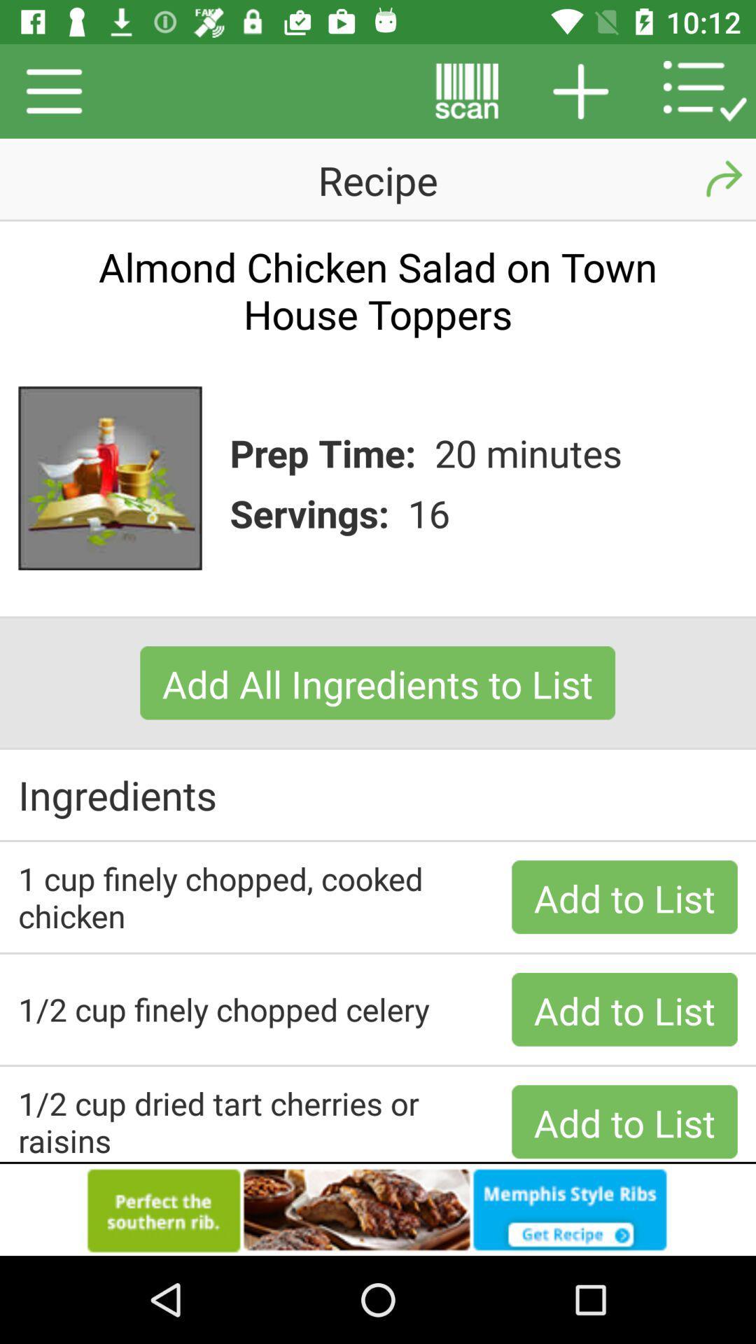  What do you see at coordinates (467, 90) in the screenshot?
I see `the button beside  on left` at bounding box center [467, 90].